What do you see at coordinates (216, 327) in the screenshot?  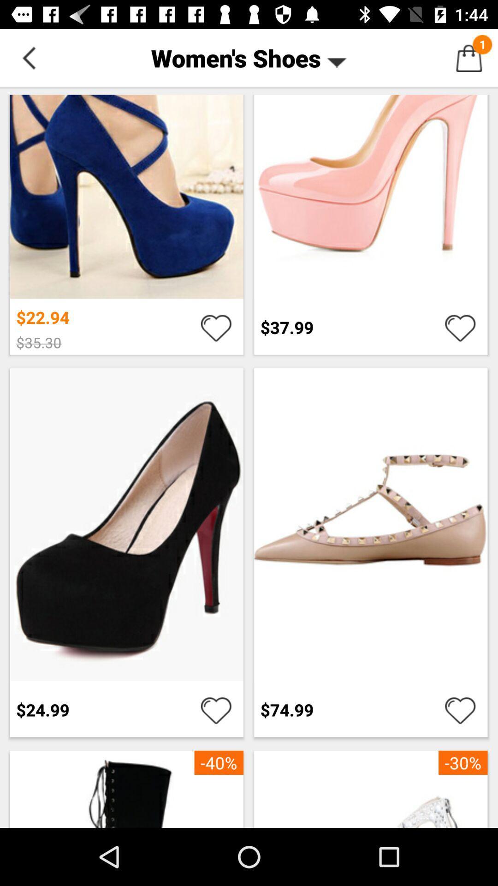 I see `like` at bounding box center [216, 327].